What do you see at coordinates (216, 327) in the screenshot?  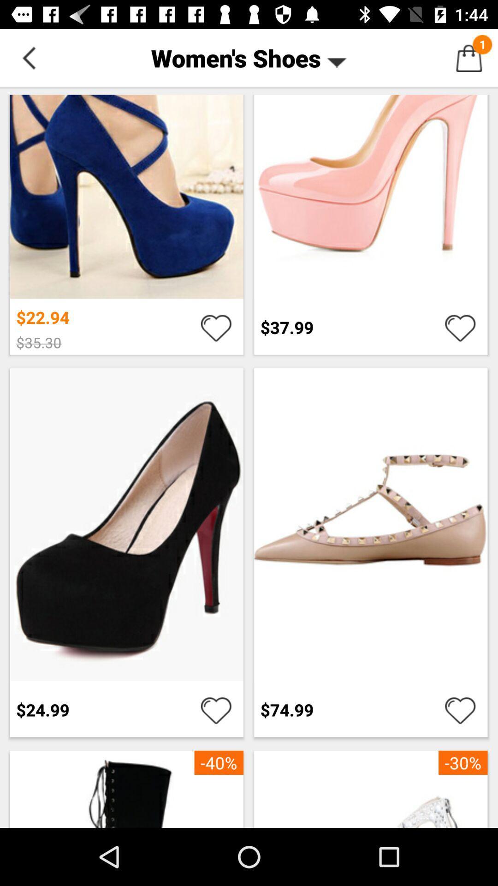 I see `like` at bounding box center [216, 327].